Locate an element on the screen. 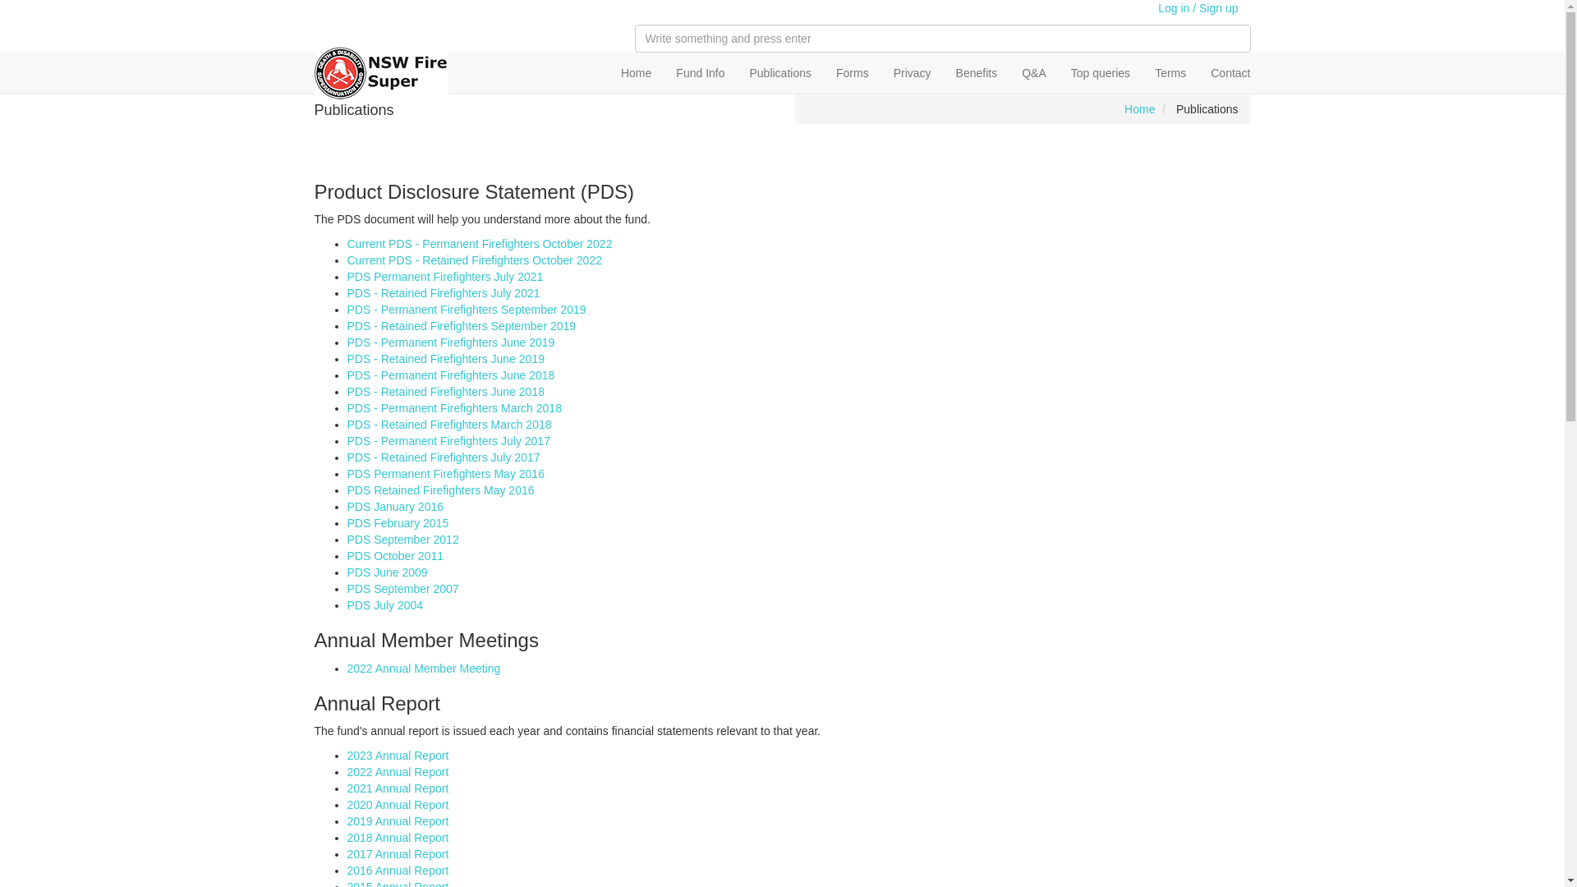 Image resolution: width=1577 pixels, height=887 pixels. 'Terms' is located at coordinates (1170, 71).